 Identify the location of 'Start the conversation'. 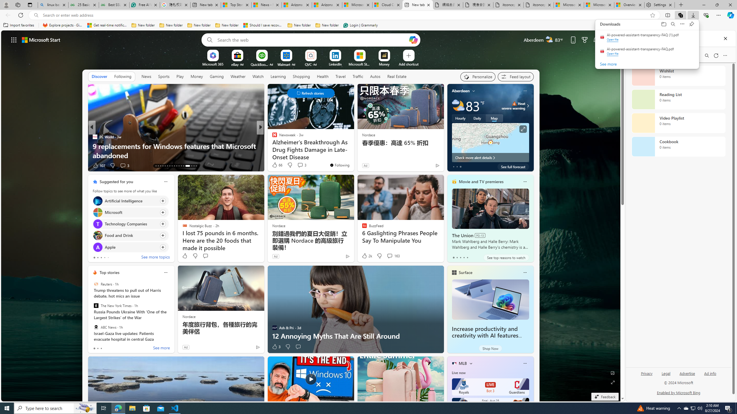
(298, 347).